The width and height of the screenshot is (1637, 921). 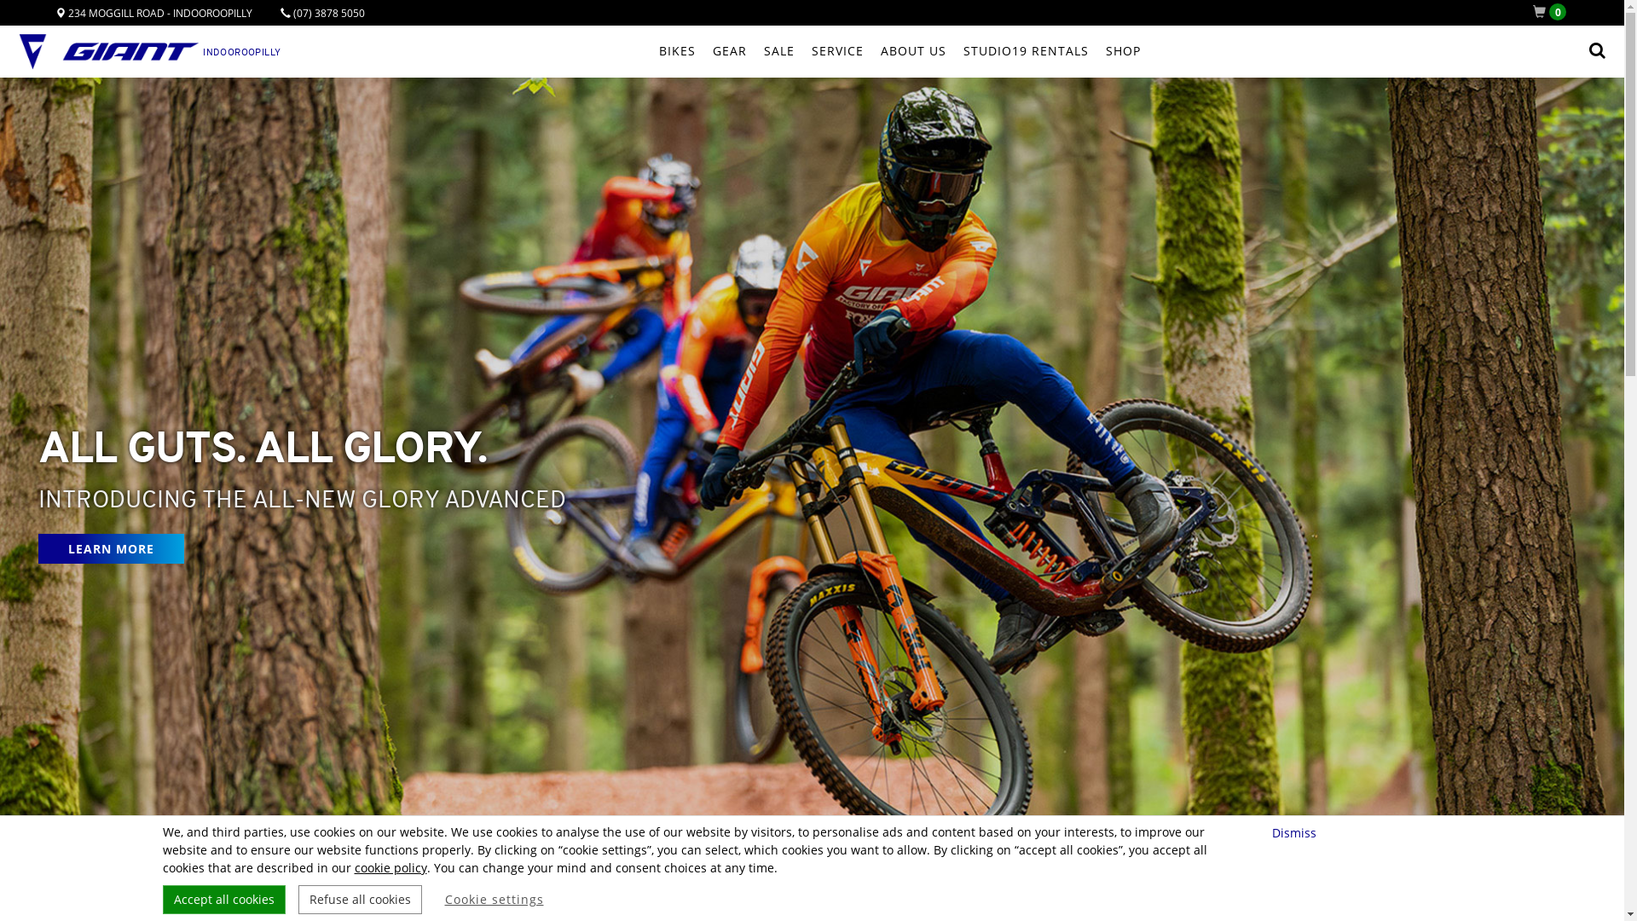 What do you see at coordinates (110, 548) in the screenshot?
I see `'LEARN MORE'` at bounding box center [110, 548].